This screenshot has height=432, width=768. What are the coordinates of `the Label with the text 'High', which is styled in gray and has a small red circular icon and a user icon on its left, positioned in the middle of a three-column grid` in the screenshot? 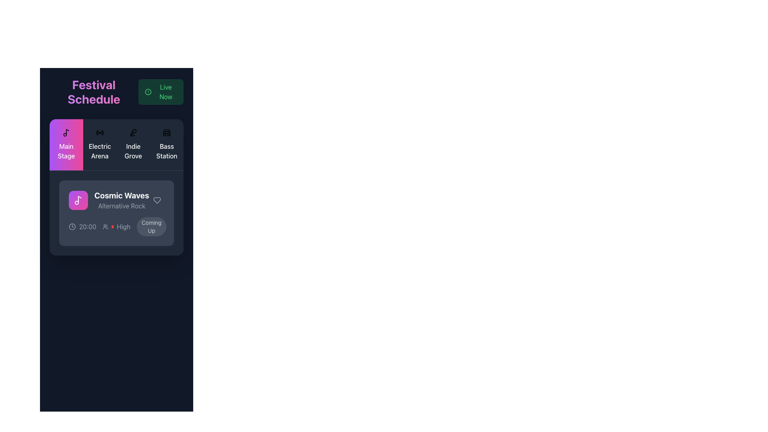 It's located at (116, 227).